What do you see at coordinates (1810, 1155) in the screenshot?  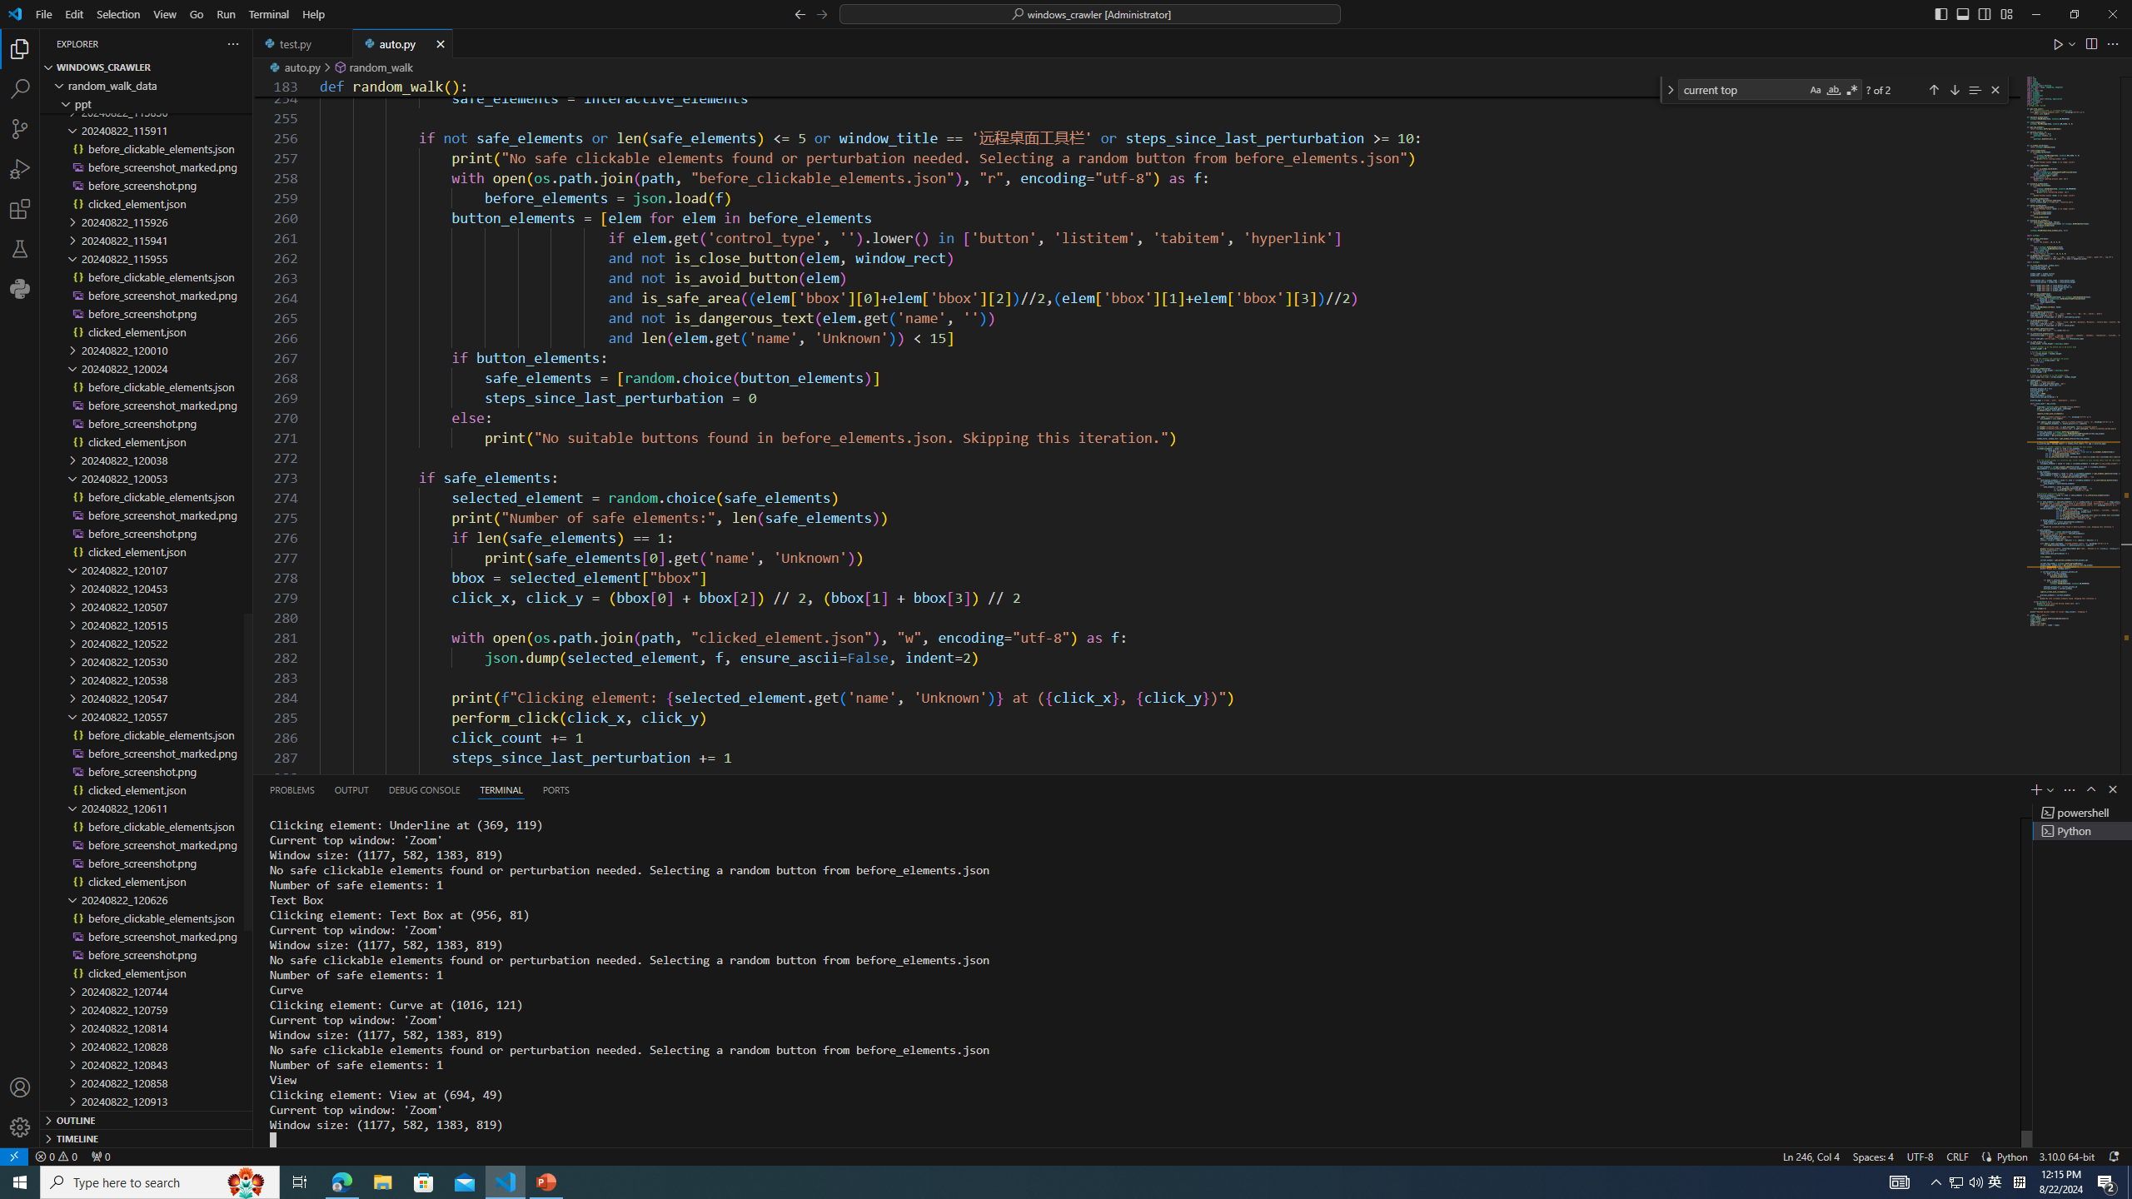 I see `'Ln 246, Col 4'` at bounding box center [1810, 1155].